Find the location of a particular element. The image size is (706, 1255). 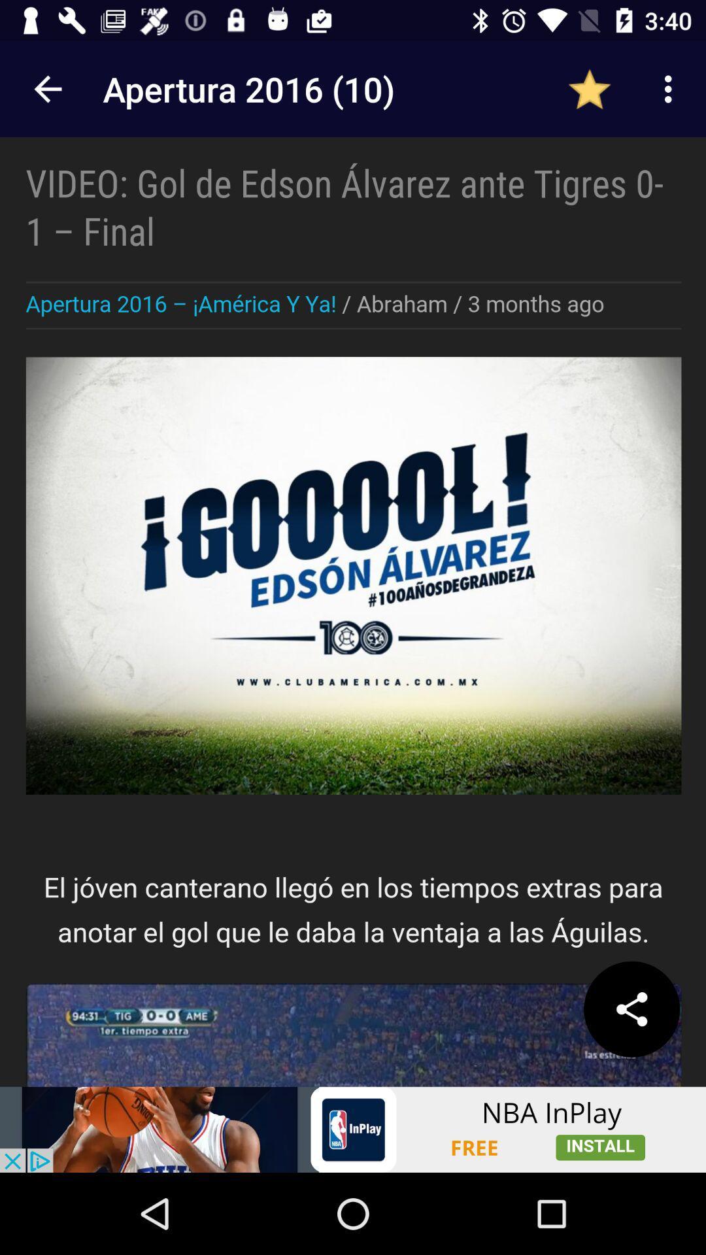

share is located at coordinates (631, 1009).